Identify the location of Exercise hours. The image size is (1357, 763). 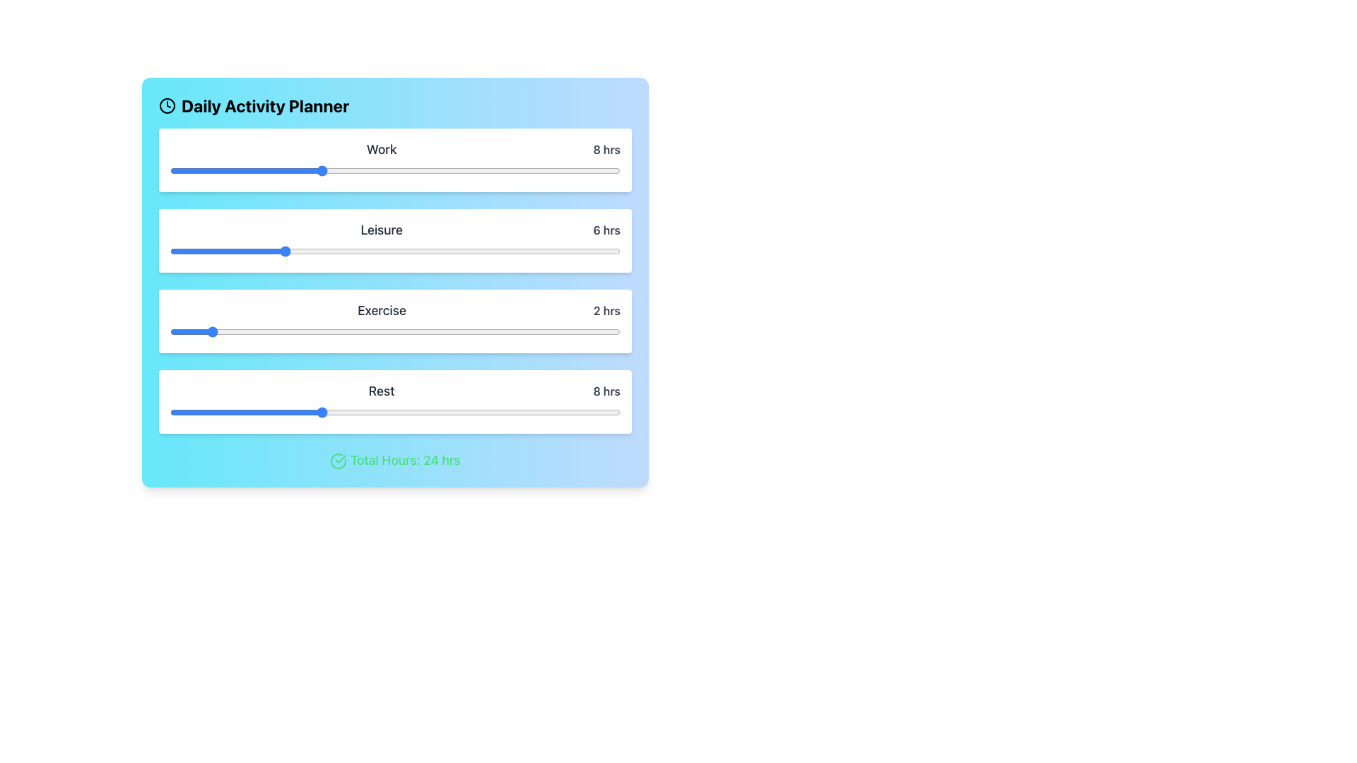
(300, 332).